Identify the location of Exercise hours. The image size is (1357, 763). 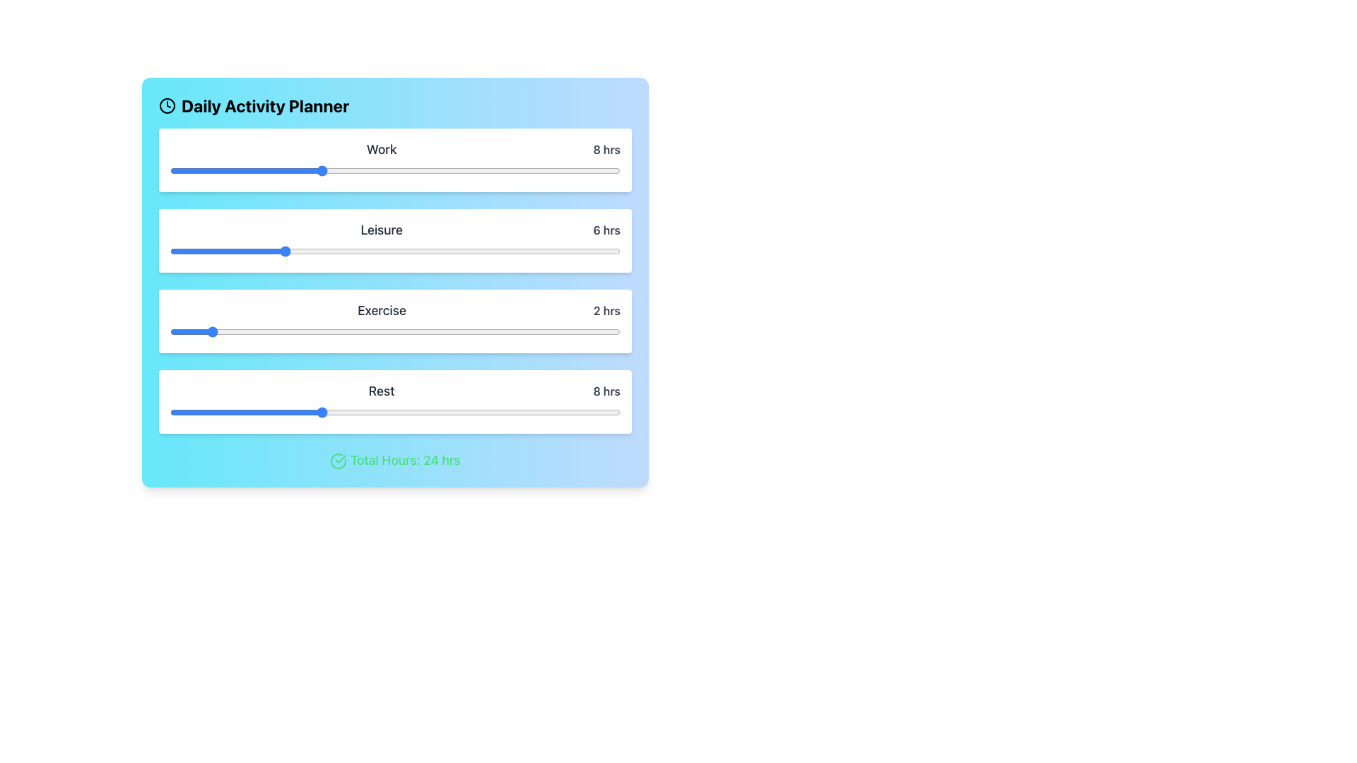
(300, 332).